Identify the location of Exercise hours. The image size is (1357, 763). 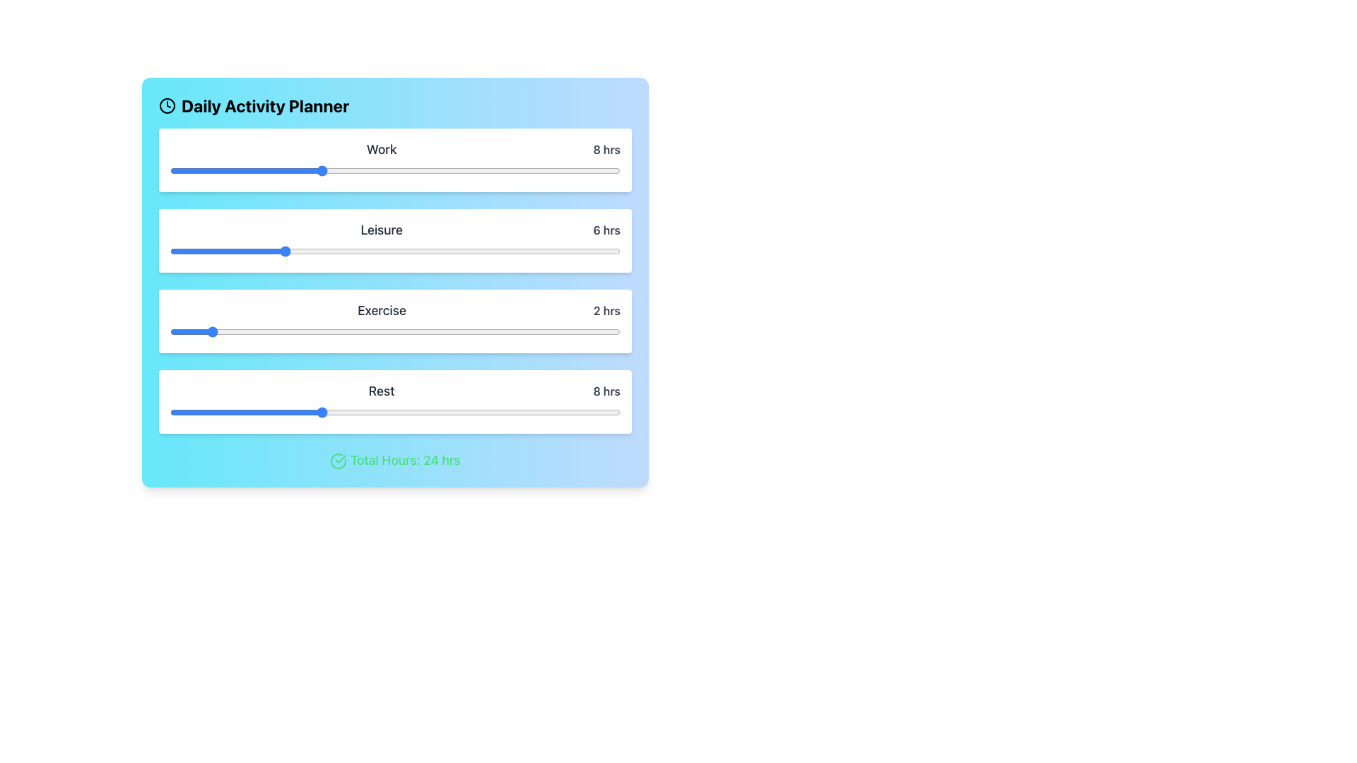
(300, 332).